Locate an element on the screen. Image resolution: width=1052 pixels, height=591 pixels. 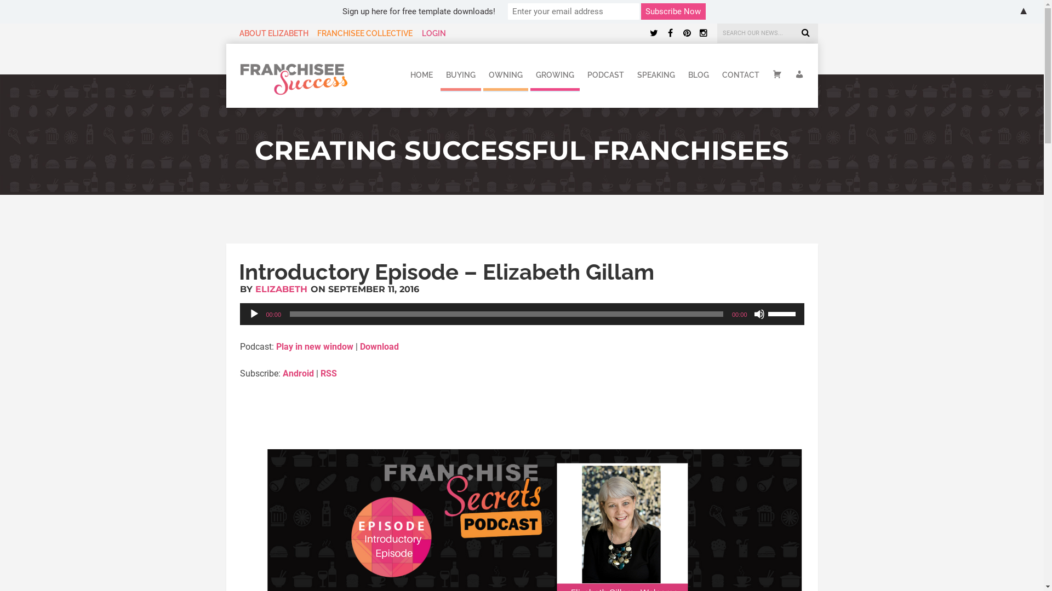
'Twitter' is located at coordinates (654, 33).